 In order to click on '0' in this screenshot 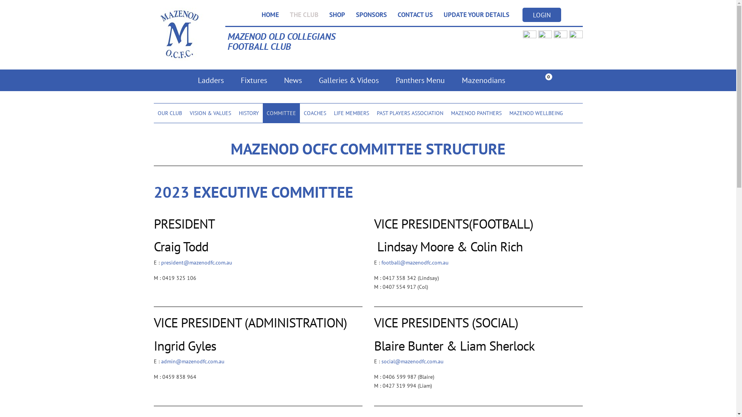, I will do `click(543, 81)`.